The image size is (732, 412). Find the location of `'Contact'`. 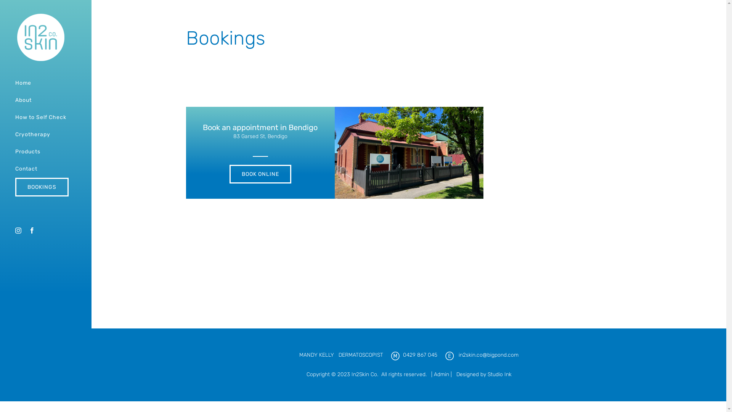

'Contact' is located at coordinates (45, 169).